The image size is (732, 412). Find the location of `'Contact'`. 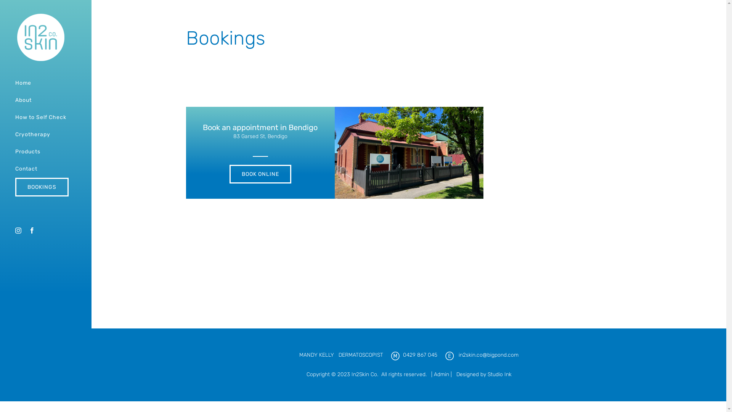

'Contact' is located at coordinates (45, 169).